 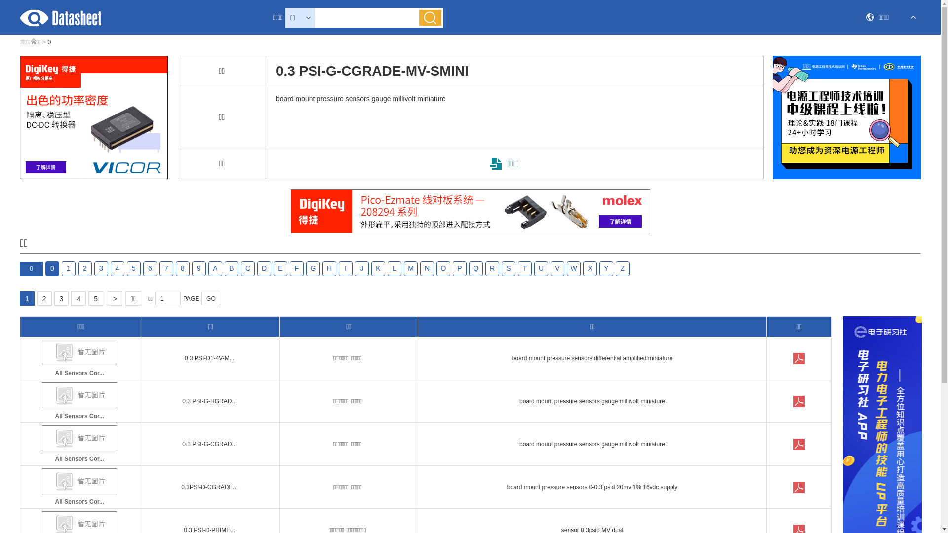 I want to click on 'Z', so click(x=622, y=268).